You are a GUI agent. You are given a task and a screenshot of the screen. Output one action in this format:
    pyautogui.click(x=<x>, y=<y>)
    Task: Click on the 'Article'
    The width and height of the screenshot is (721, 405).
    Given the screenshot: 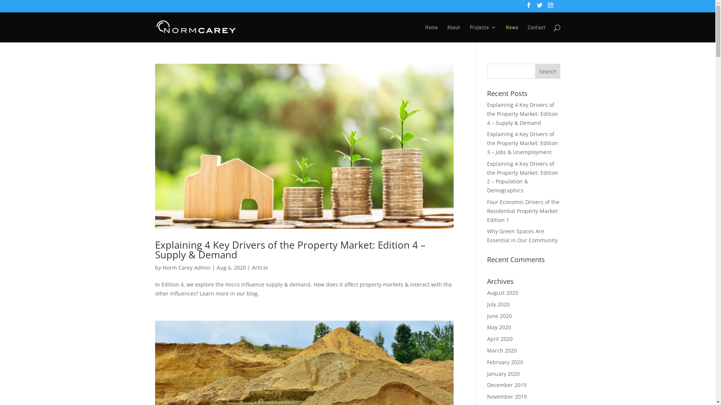 What is the action you would take?
    pyautogui.click(x=252, y=267)
    